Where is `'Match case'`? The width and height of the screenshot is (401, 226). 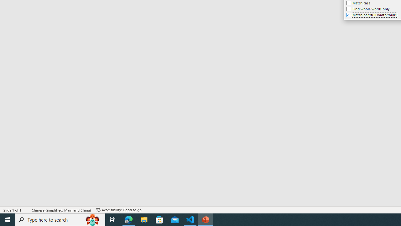
'Match case' is located at coordinates (358, 3).